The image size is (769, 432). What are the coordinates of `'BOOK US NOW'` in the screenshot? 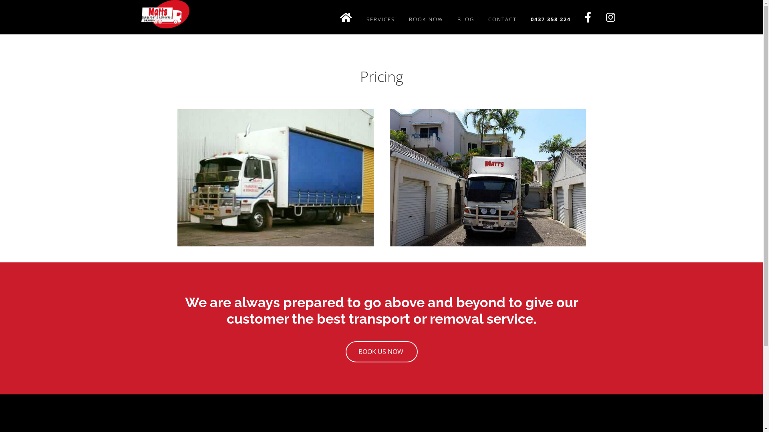 It's located at (380, 351).